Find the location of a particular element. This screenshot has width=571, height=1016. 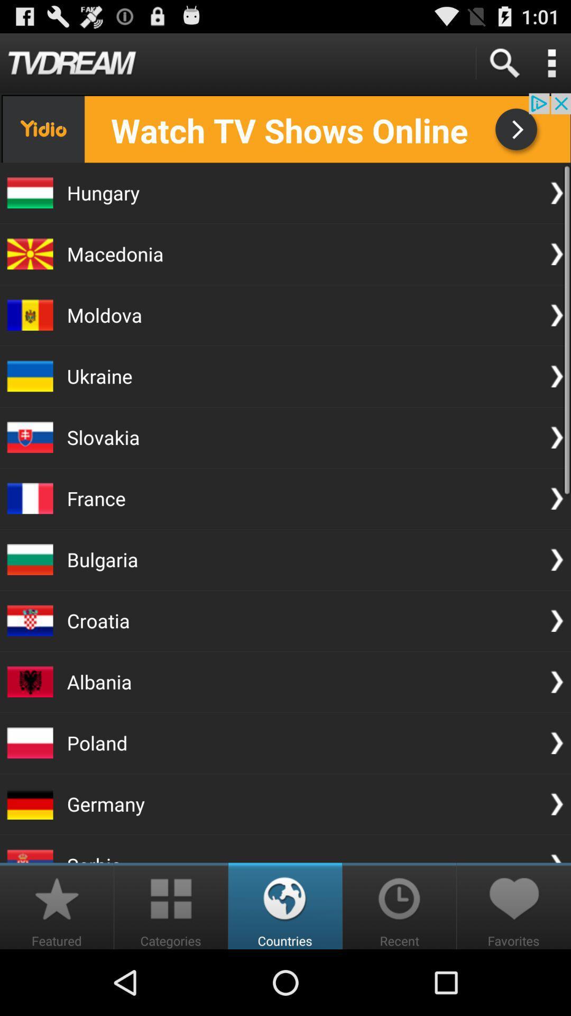

the search icon is located at coordinates (503, 67).